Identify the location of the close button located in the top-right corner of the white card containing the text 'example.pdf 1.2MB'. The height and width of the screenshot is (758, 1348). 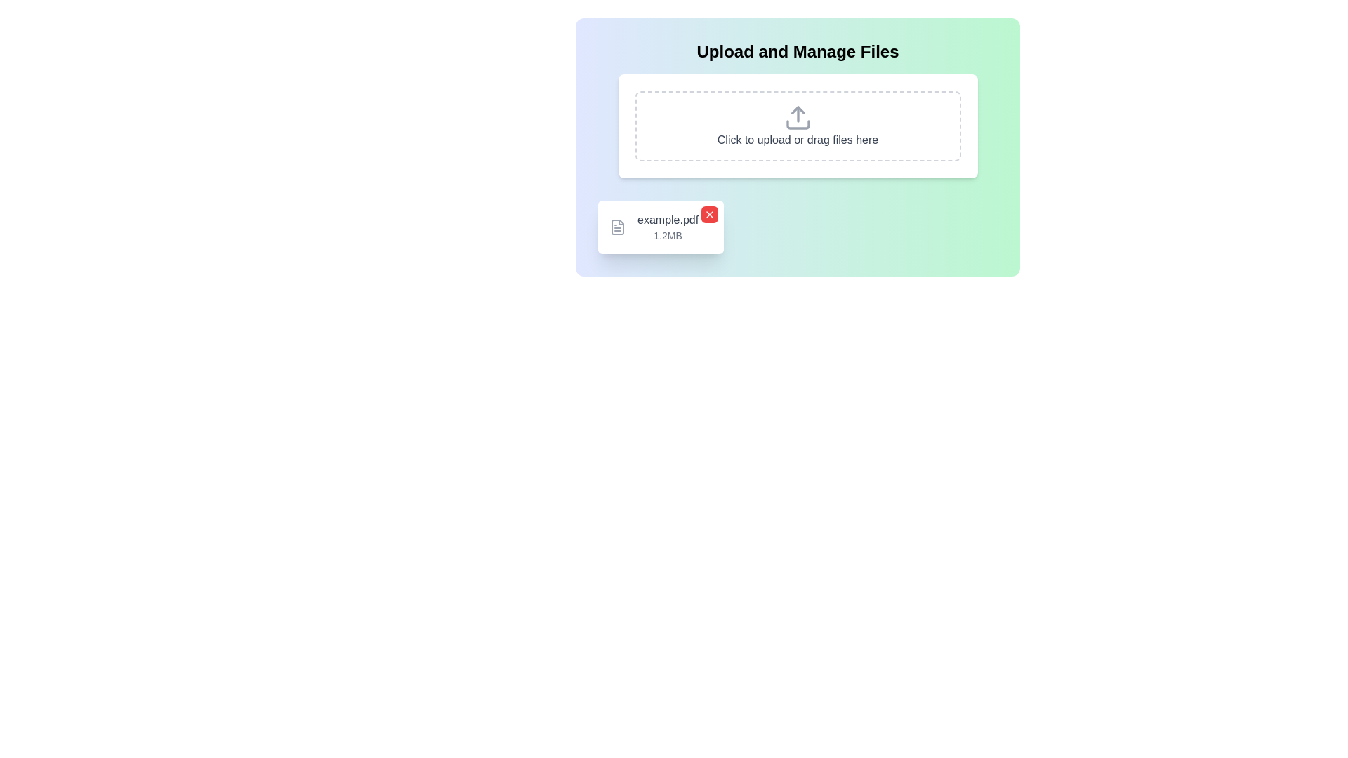
(710, 214).